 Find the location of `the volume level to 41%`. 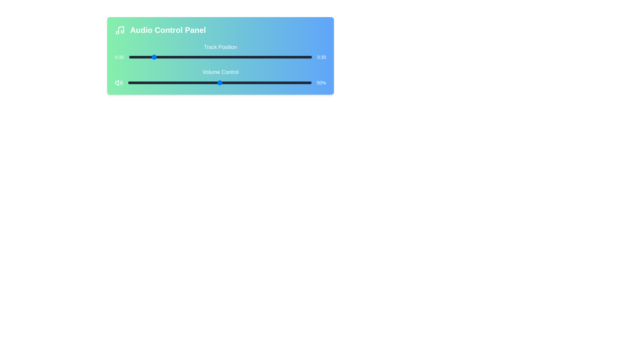

the volume level to 41% is located at coordinates (203, 82).